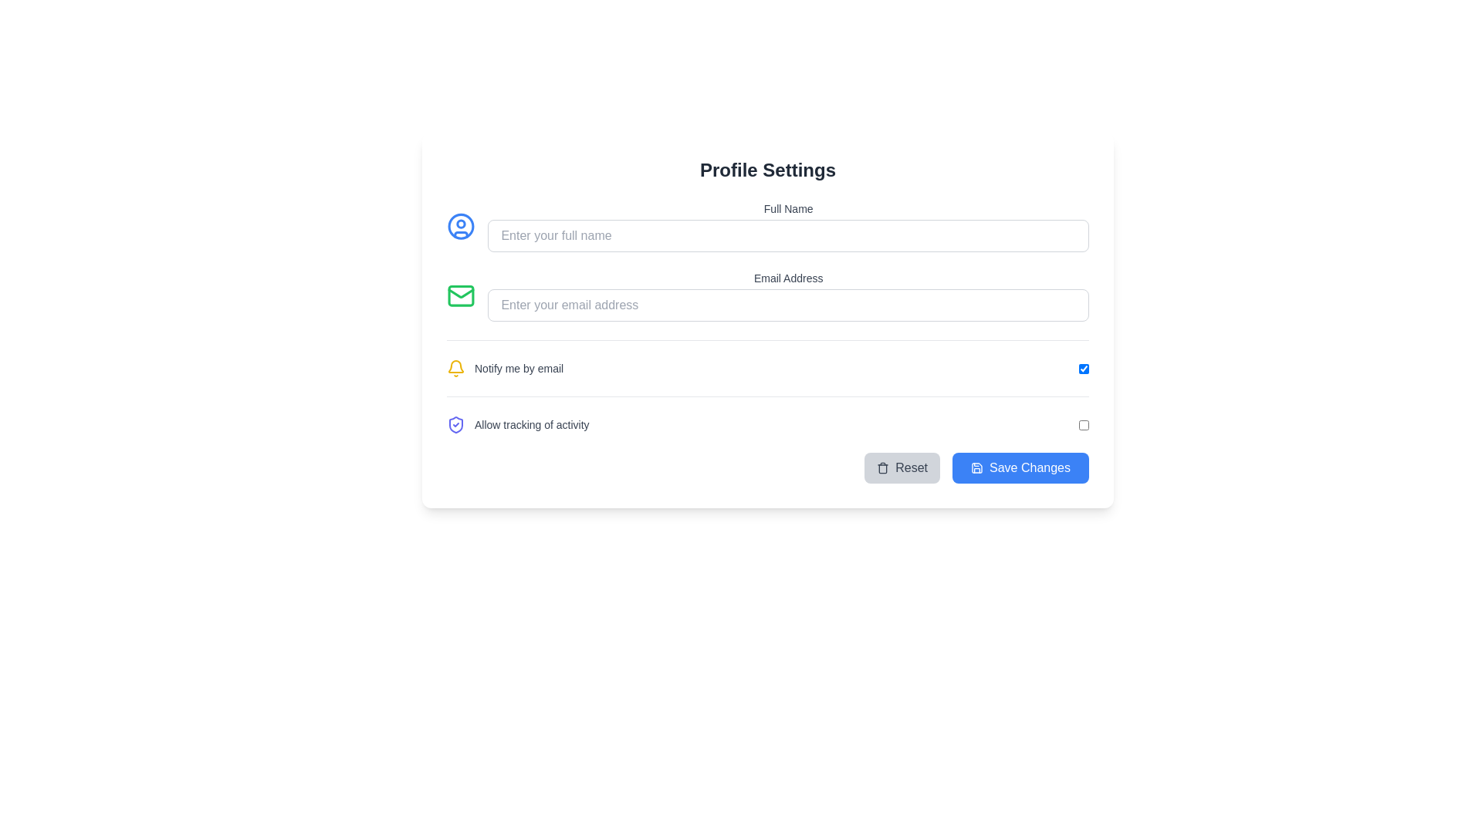  What do you see at coordinates (455, 425) in the screenshot?
I see `the decorative shield icon that represents security in relation to the 'Allow tracking of activity' setting` at bounding box center [455, 425].